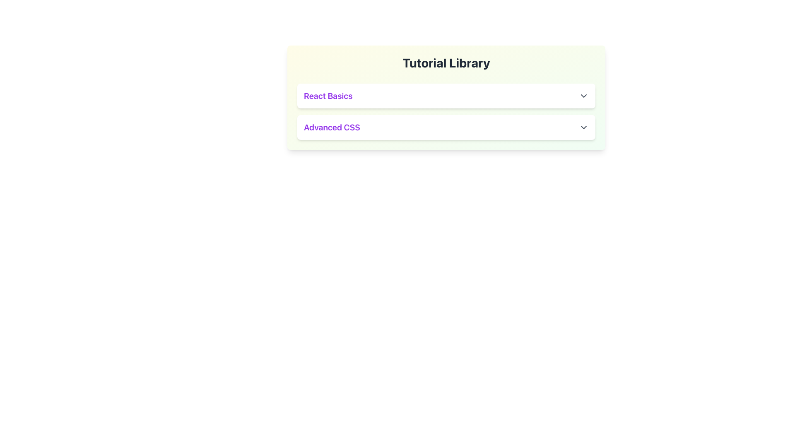  Describe the element at coordinates (332, 127) in the screenshot. I see `the 'Advanced CSS' text label, which identifies a specific section in the UI and is positioned below the 'React Basics' label` at that location.